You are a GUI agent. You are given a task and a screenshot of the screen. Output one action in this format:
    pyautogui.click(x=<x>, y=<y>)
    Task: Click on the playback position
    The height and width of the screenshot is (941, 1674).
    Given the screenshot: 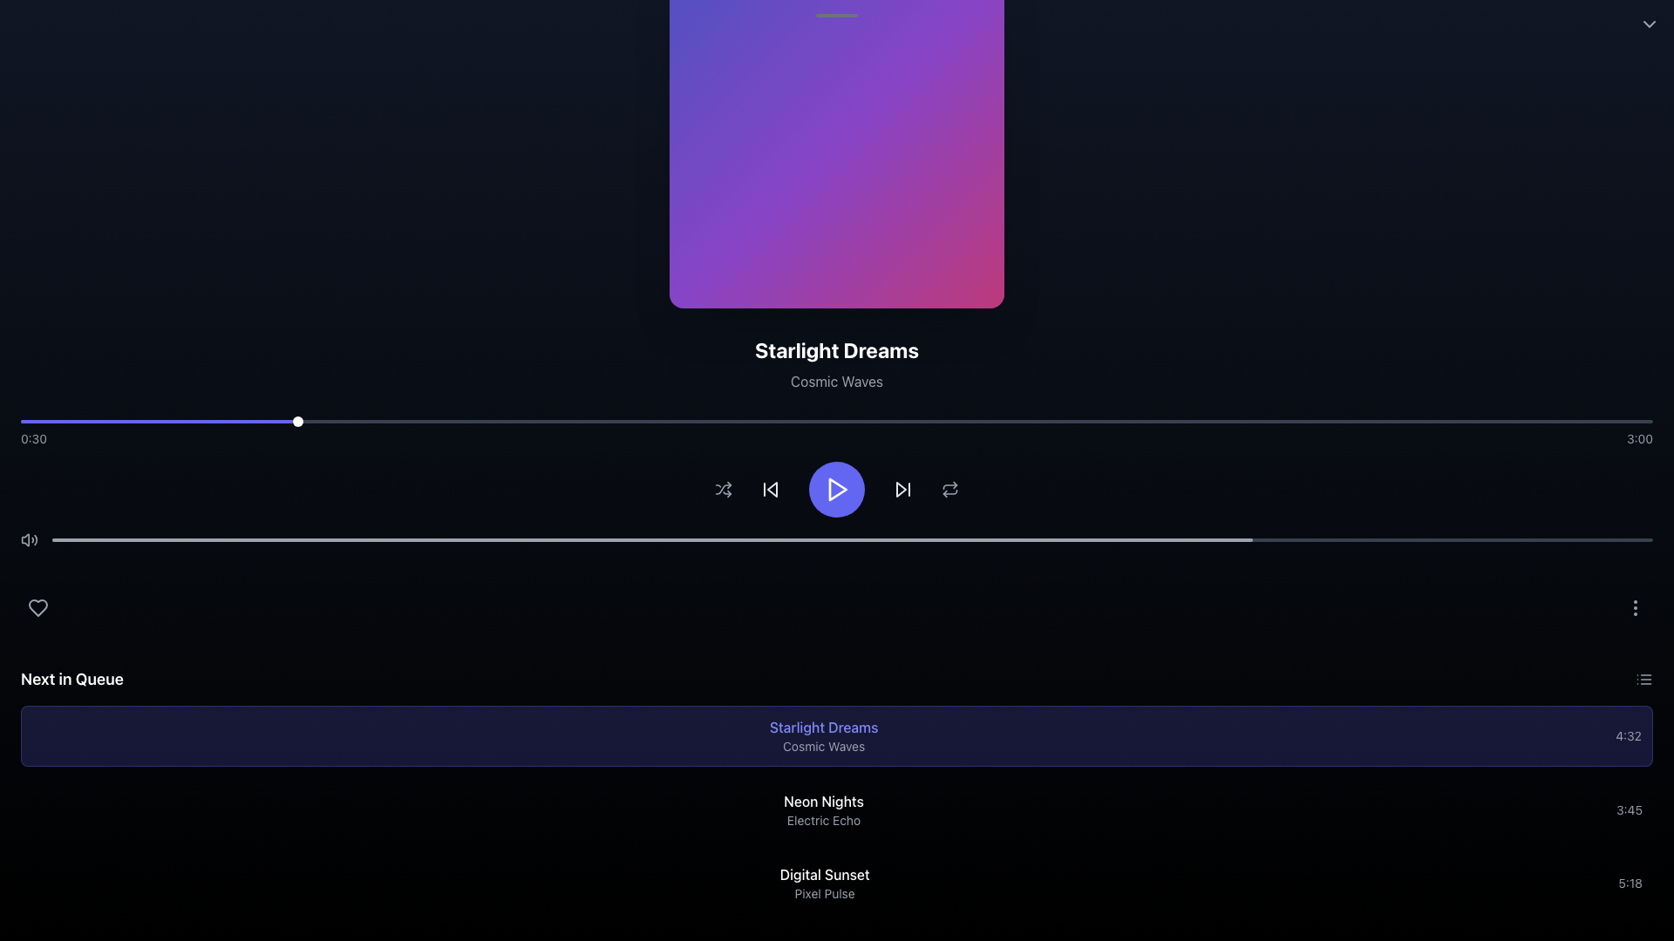 What is the action you would take?
    pyautogui.click(x=1544, y=421)
    